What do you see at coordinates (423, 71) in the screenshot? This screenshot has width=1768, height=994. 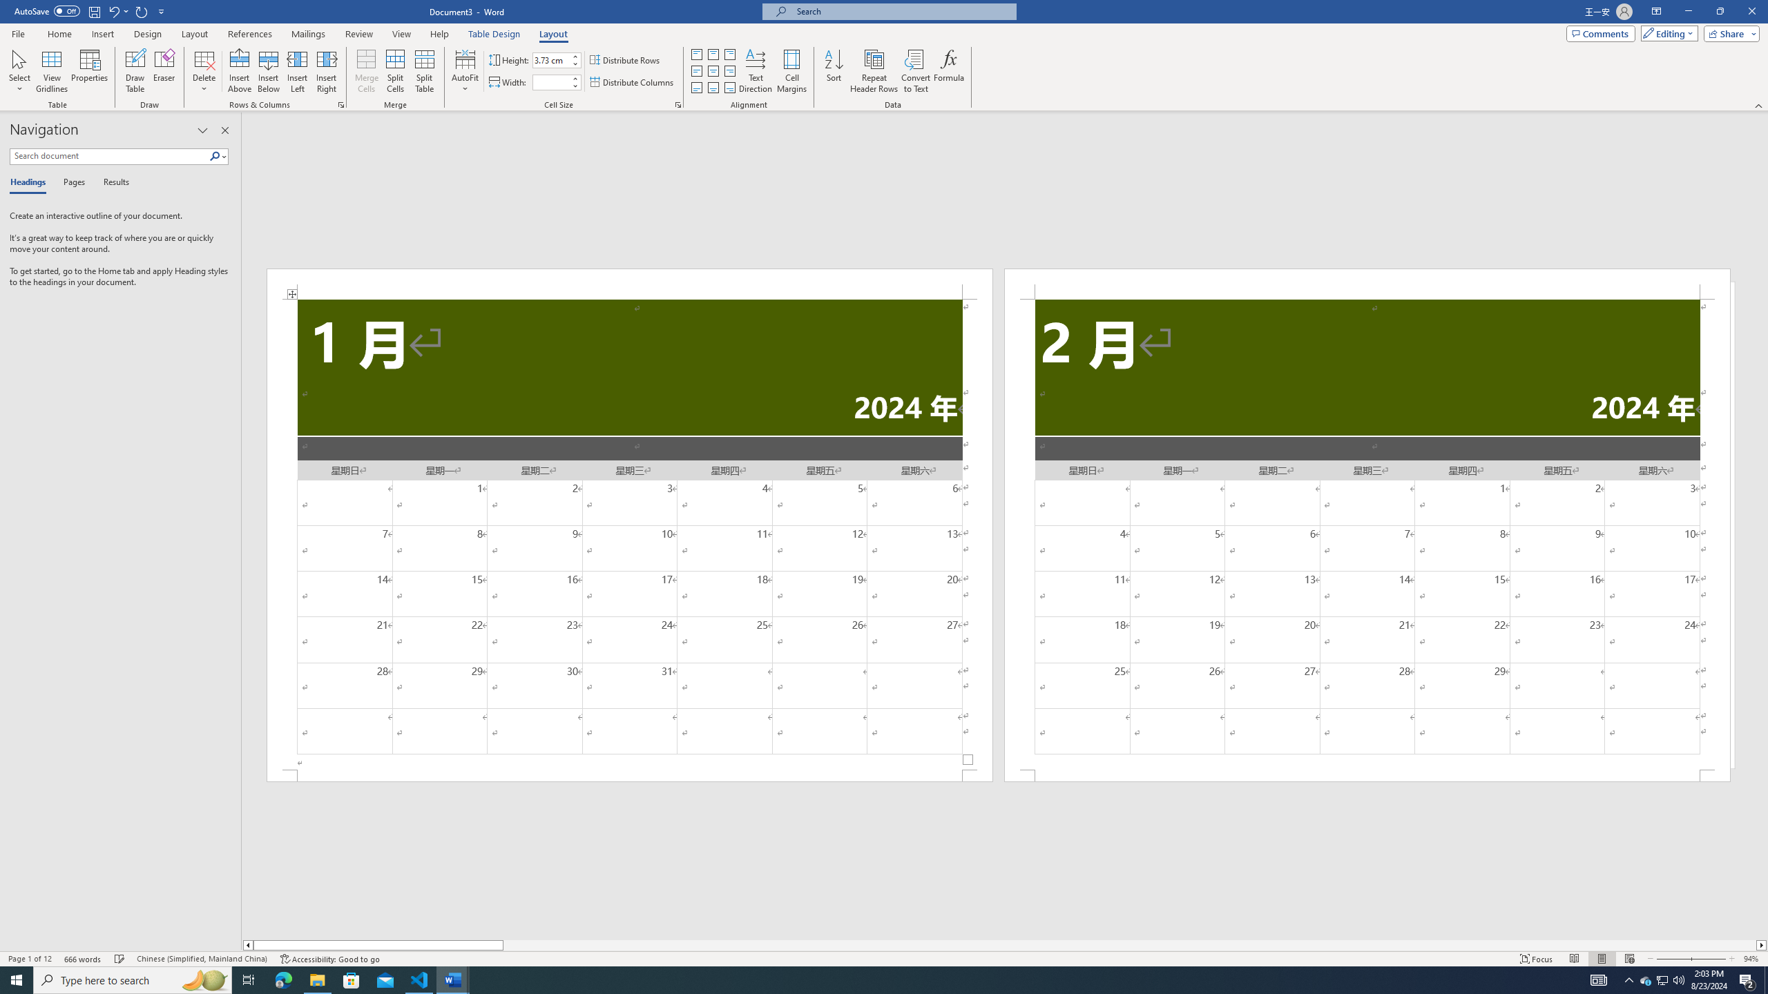 I see `'Split Table'` at bounding box center [423, 71].